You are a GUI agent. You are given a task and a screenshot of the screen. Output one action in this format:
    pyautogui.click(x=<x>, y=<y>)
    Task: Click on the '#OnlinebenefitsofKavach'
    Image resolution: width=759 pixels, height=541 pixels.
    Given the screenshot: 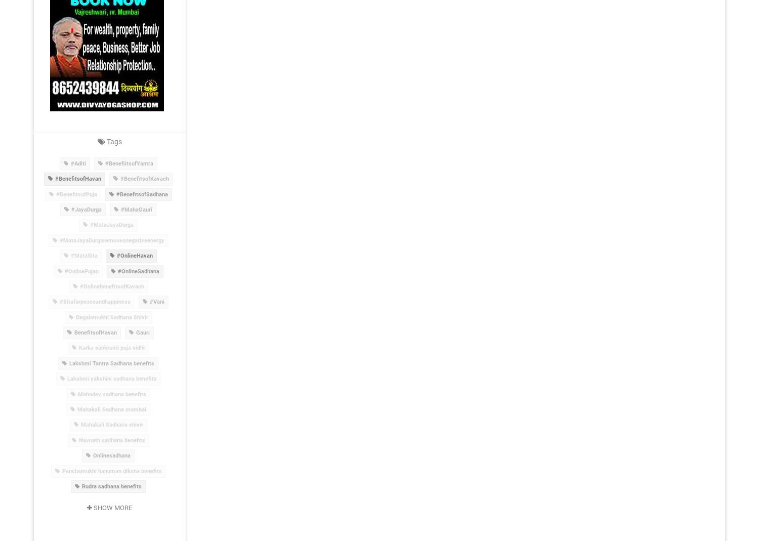 What is the action you would take?
    pyautogui.click(x=111, y=286)
    